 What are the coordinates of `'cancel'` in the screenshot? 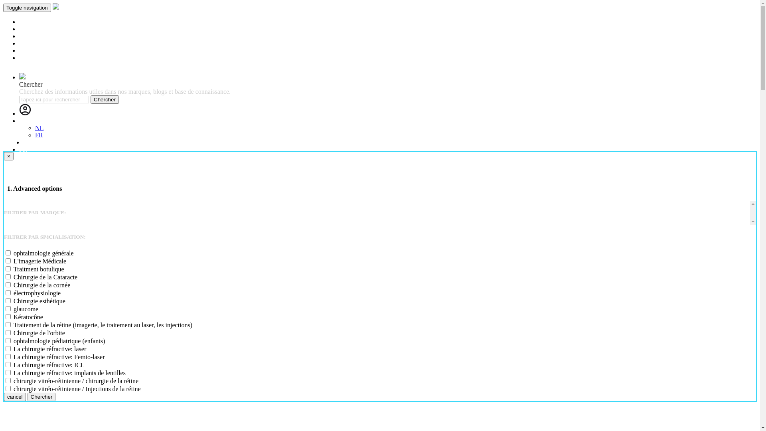 It's located at (4, 397).